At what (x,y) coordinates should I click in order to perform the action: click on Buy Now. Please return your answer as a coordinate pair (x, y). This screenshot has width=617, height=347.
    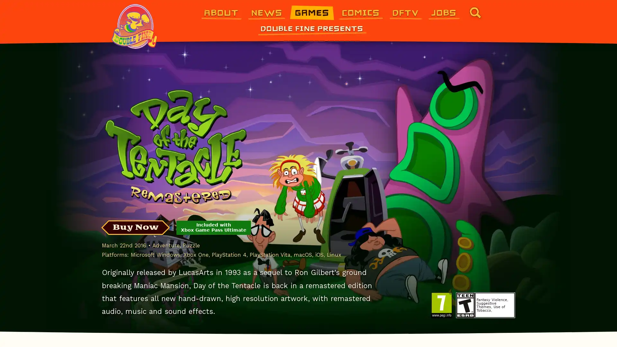
    Looking at the image, I should click on (135, 227).